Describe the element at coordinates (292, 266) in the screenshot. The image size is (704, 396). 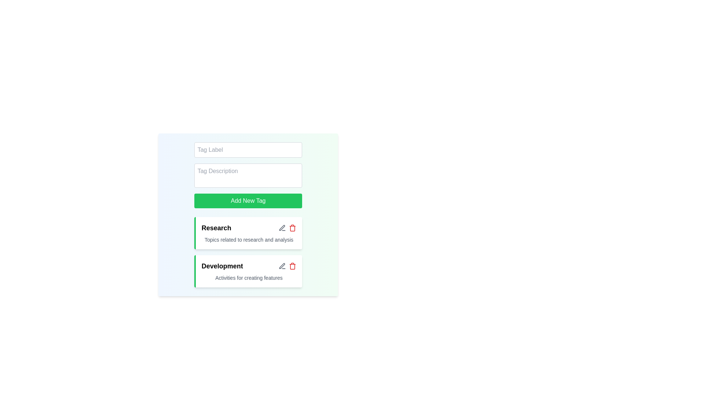
I see `the red trash can icon button located within the 'Development' card to initiate a deletion action` at that location.